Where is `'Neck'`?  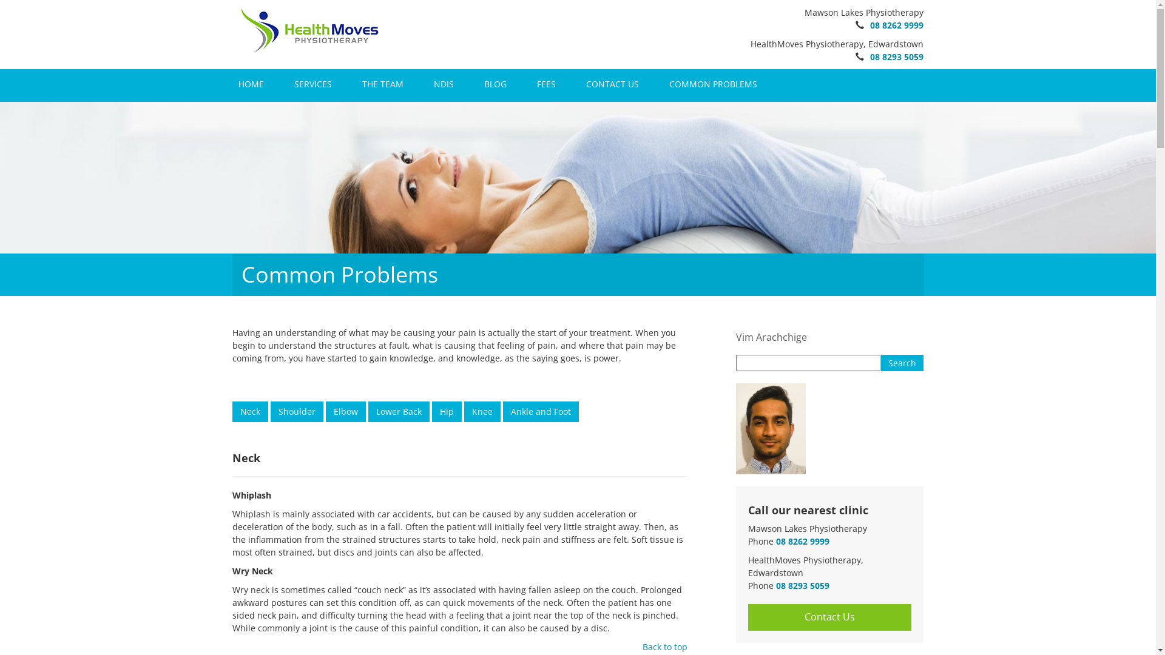
'Neck' is located at coordinates (232, 411).